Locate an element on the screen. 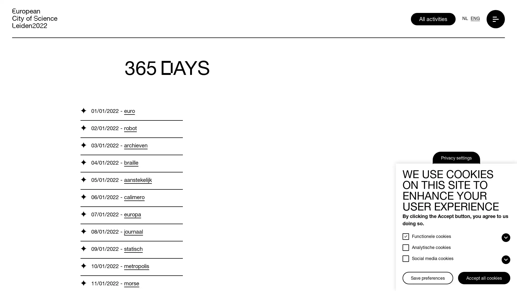 The width and height of the screenshot is (517, 291). Withdraw consent is located at coordinates (404, 272).